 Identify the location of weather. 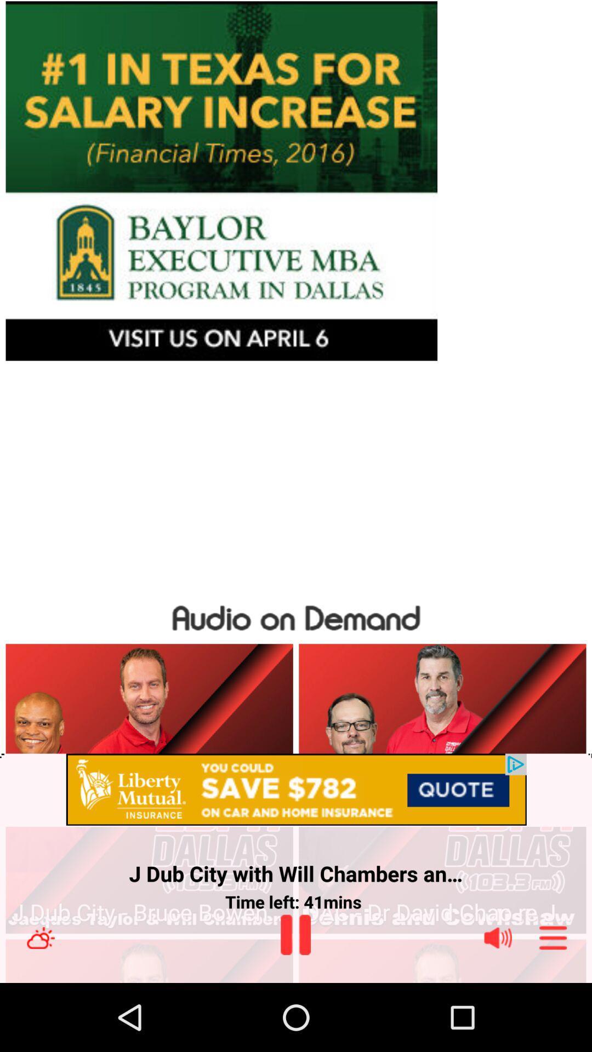
(40, 937).